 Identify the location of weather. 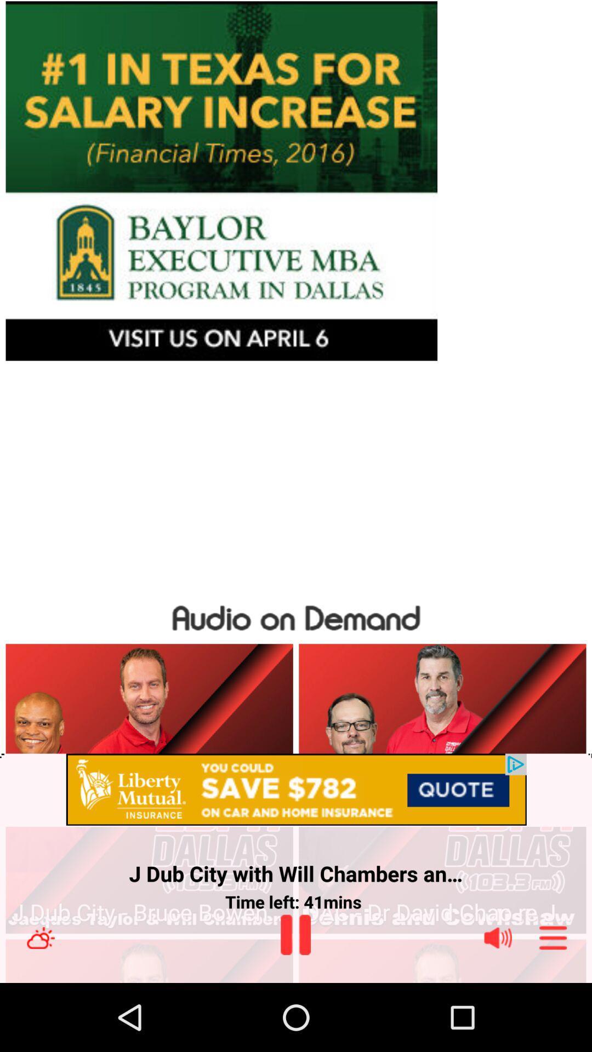
(40, 937).